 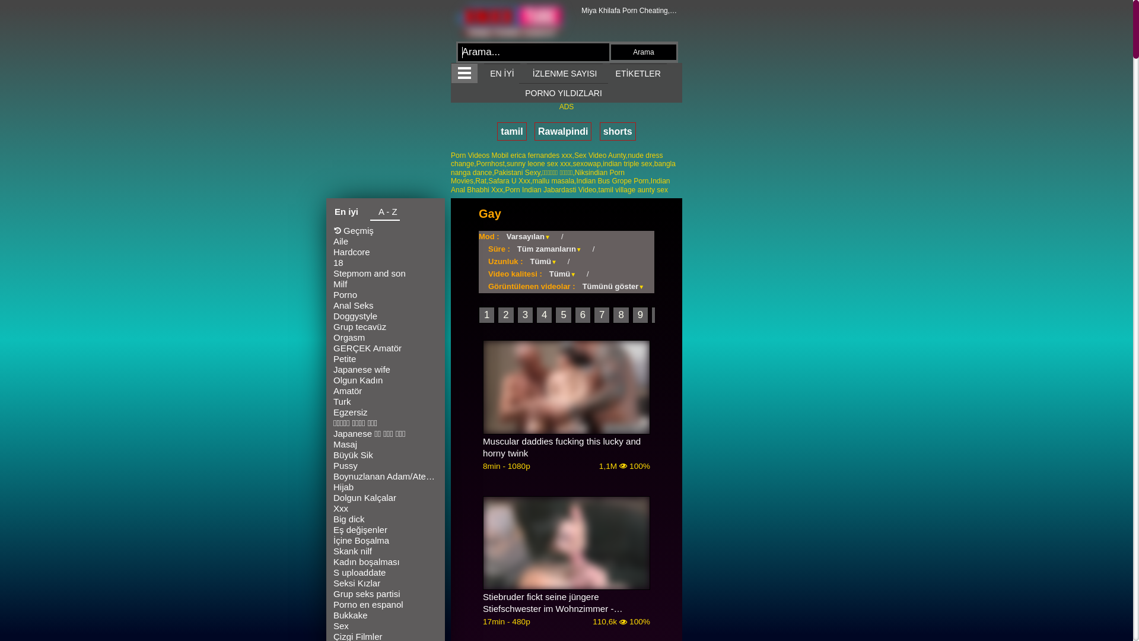 What do you see at coordinates (611, 52) in the screenshot?
I see `'Arama'` at bounding box center [611, 52].